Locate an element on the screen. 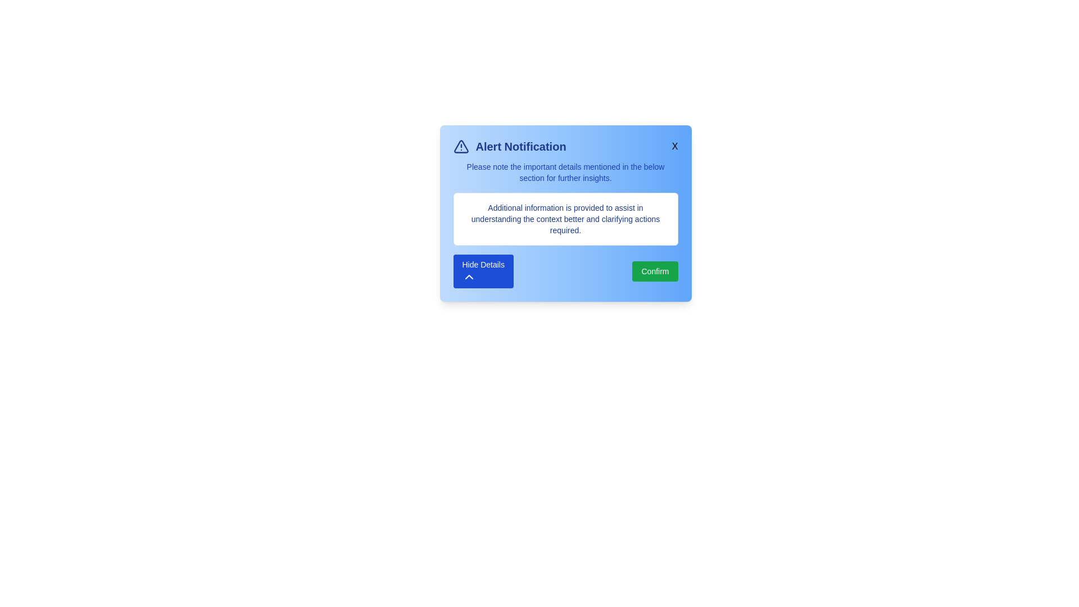 This screenshot has width=1079, height=607. 'Hide Details' button to collapse the additional information is located at coordinates (483, 271).